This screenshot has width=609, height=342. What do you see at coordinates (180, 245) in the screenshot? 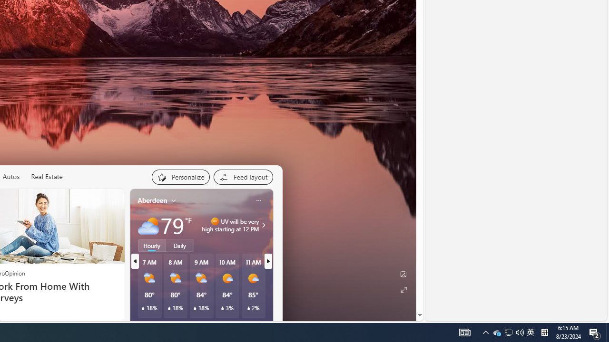
I see `'Daily'` at bounding box center [180, 245].